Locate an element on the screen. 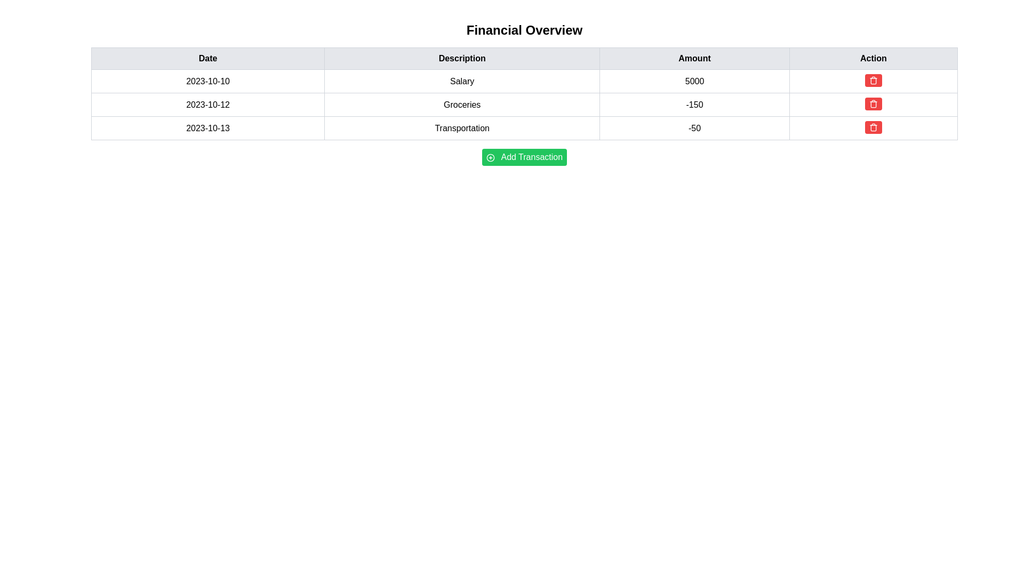 The image size is (1024, 576). the third table row representing the financial transaction entry for 2023-10-13 with the description 'Transportation' and amount '-50' is located at coordinates (524, 127).